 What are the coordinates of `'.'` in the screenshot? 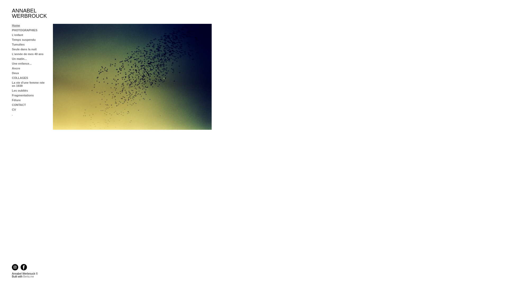 It's located at (12, 114).